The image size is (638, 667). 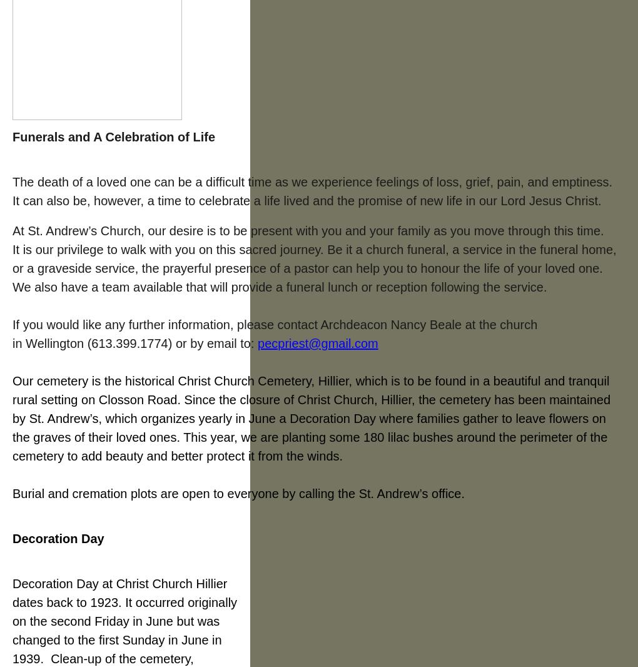 I want to click on 'was changed to the first Sunday in June in 1939.', so click(x=116, y=640).